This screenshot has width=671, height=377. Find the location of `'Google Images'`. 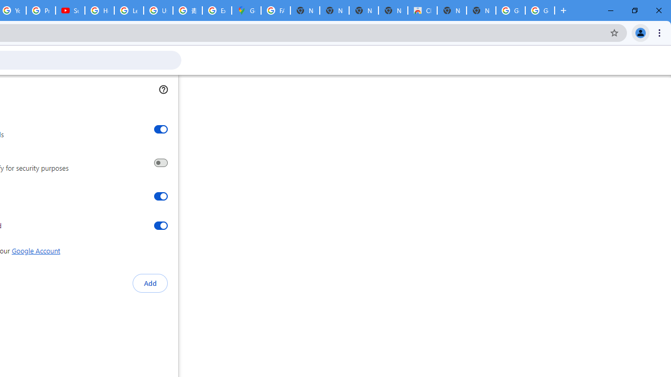

'Google Images' is located at coordinates (540, 10).